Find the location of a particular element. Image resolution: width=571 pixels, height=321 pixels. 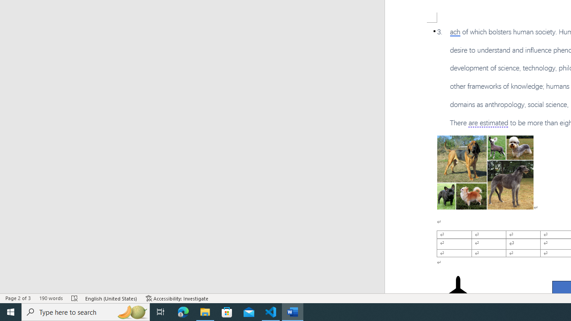

'Page Number Page 2 of 3' is located at coordinates (18, 298).